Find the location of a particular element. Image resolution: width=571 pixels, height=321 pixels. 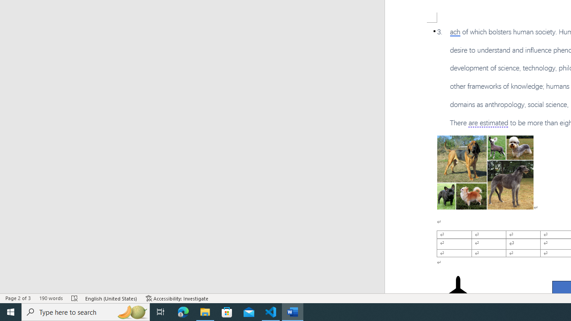

'Page Number Page 2 of 3' is located at coordinates (18, 298).